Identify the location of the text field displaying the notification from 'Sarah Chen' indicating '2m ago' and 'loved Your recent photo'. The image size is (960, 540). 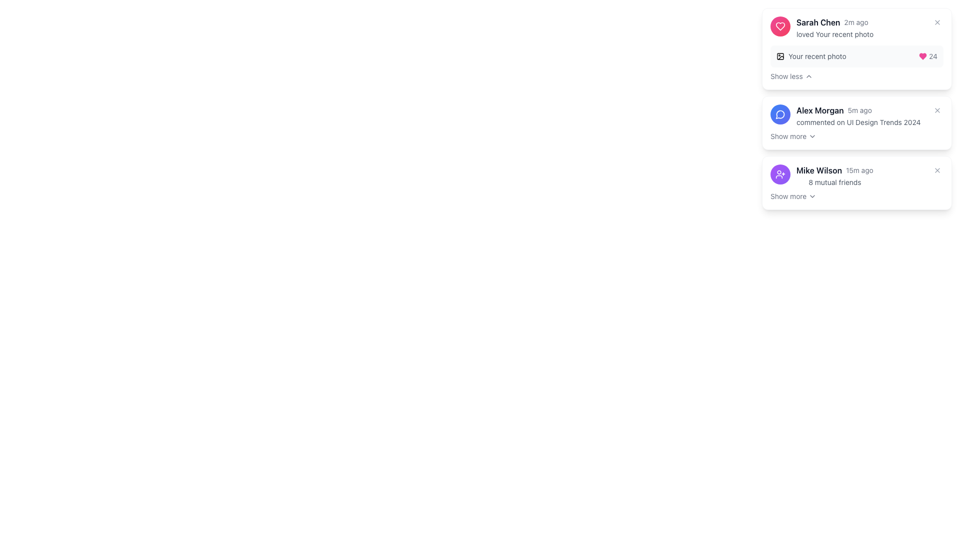
(835, 27).